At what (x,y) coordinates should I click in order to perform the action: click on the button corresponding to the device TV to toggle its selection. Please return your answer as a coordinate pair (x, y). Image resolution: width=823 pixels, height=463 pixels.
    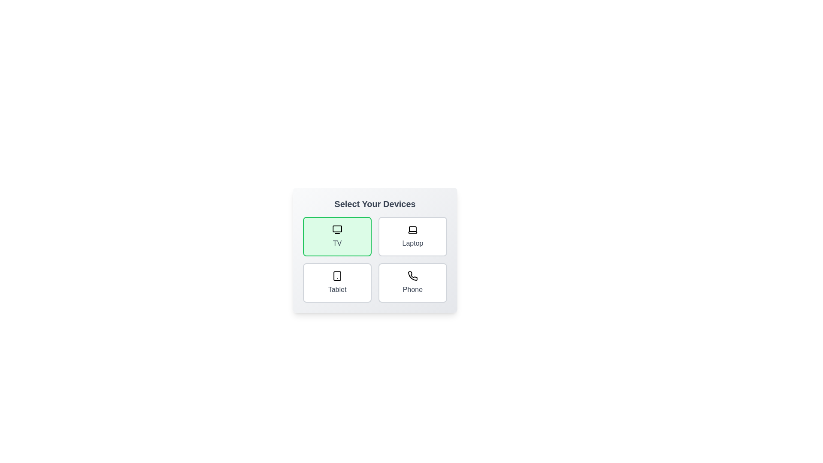
    Looking at the image, I should click on (337, 236).